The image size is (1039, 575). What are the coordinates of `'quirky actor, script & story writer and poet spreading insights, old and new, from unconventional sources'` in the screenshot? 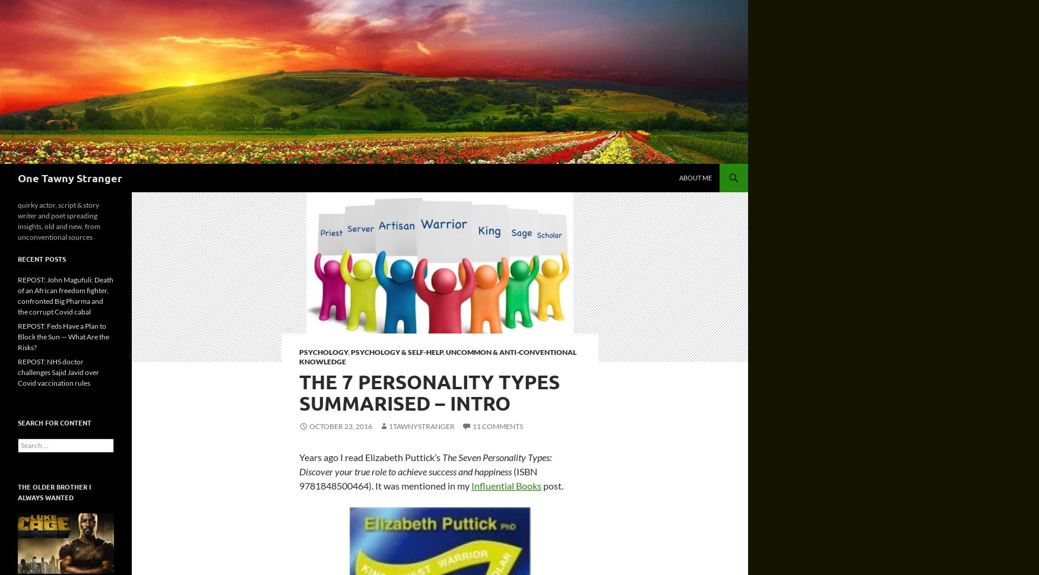 It's located at (59, 221).